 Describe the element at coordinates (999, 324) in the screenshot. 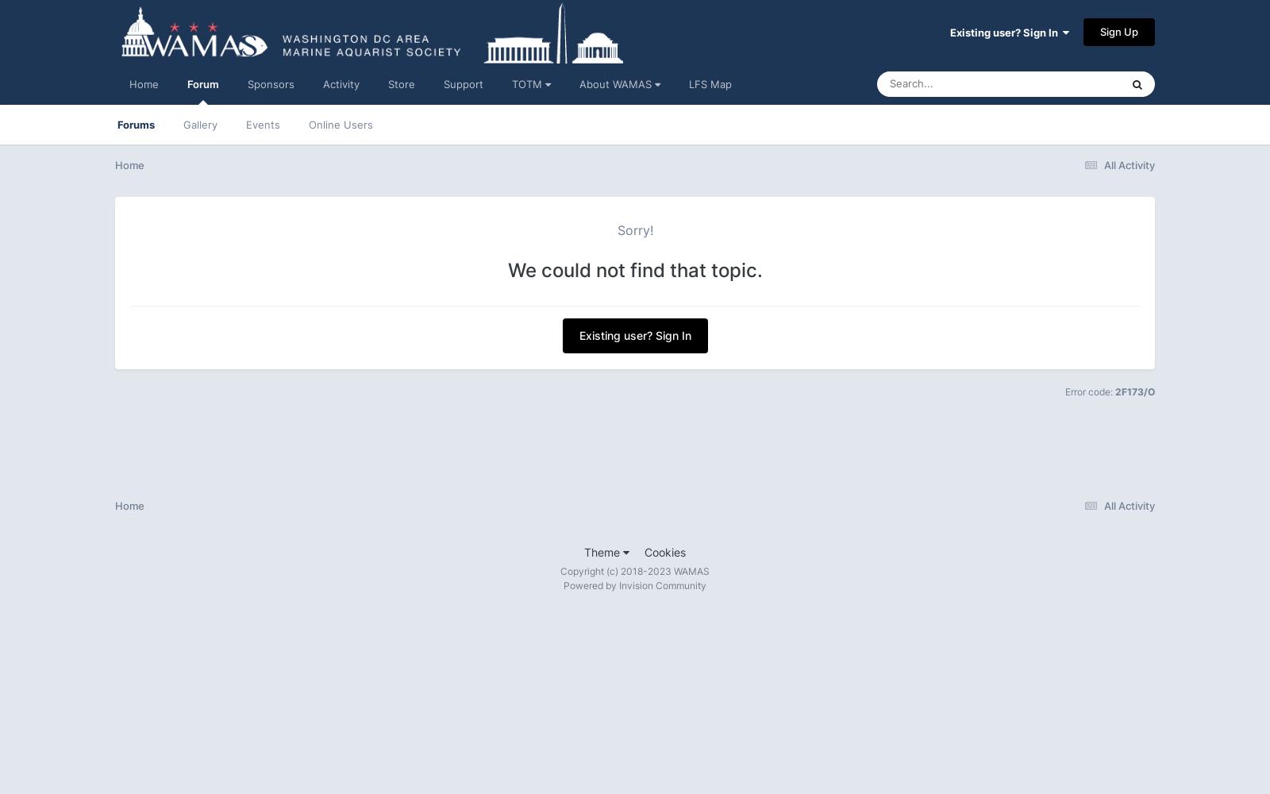

I see `'Members'` at that location.